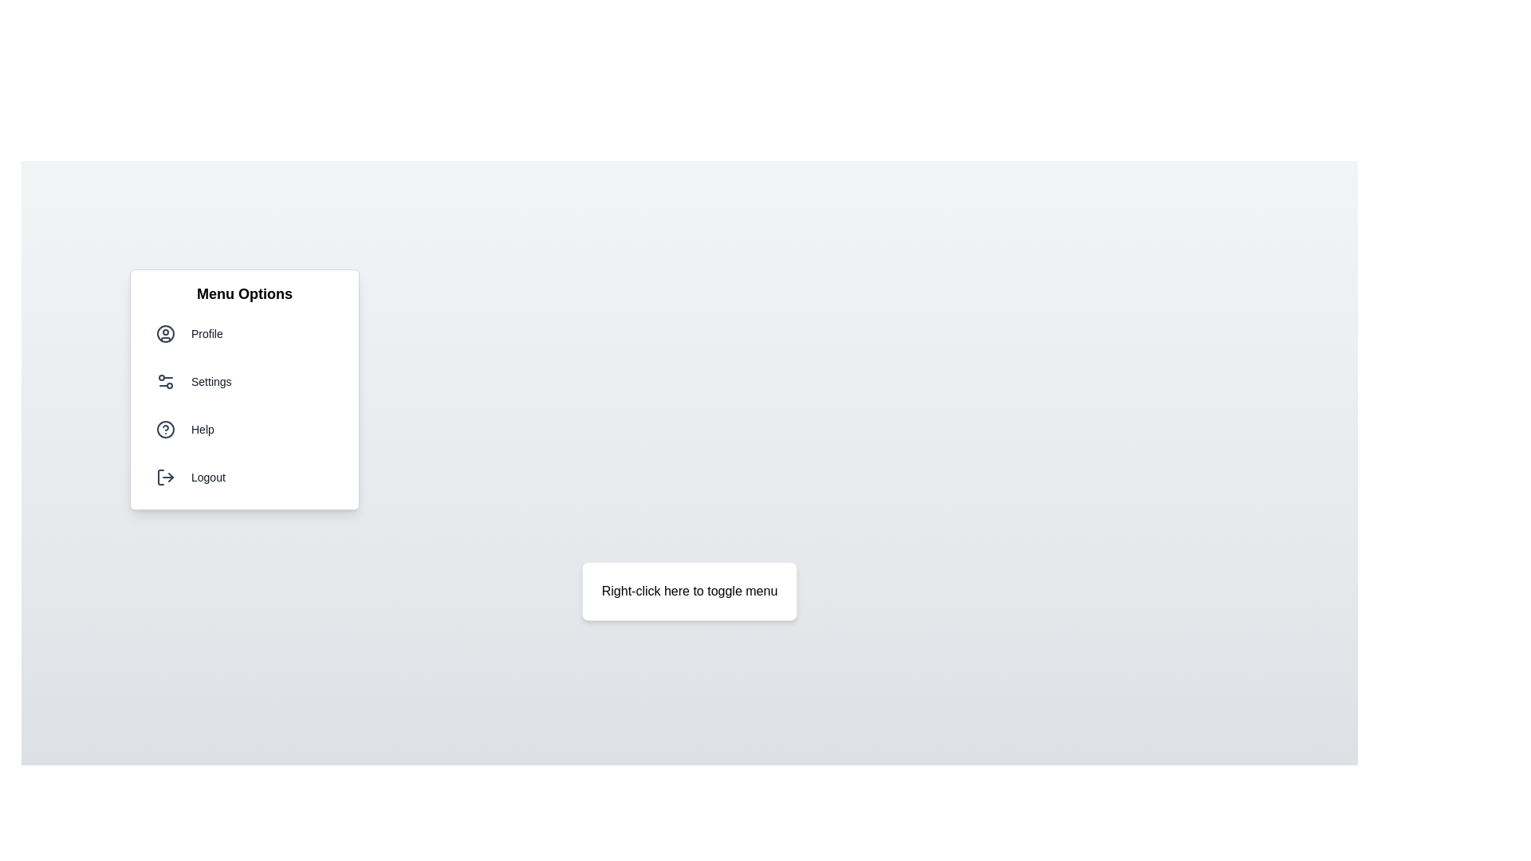 Image resolution: width=1531 pixels, height=861 pixels. Describe the element at coordinates (244, 381) in the screenshot. I see `the menu option Settings from the menu` at that location.